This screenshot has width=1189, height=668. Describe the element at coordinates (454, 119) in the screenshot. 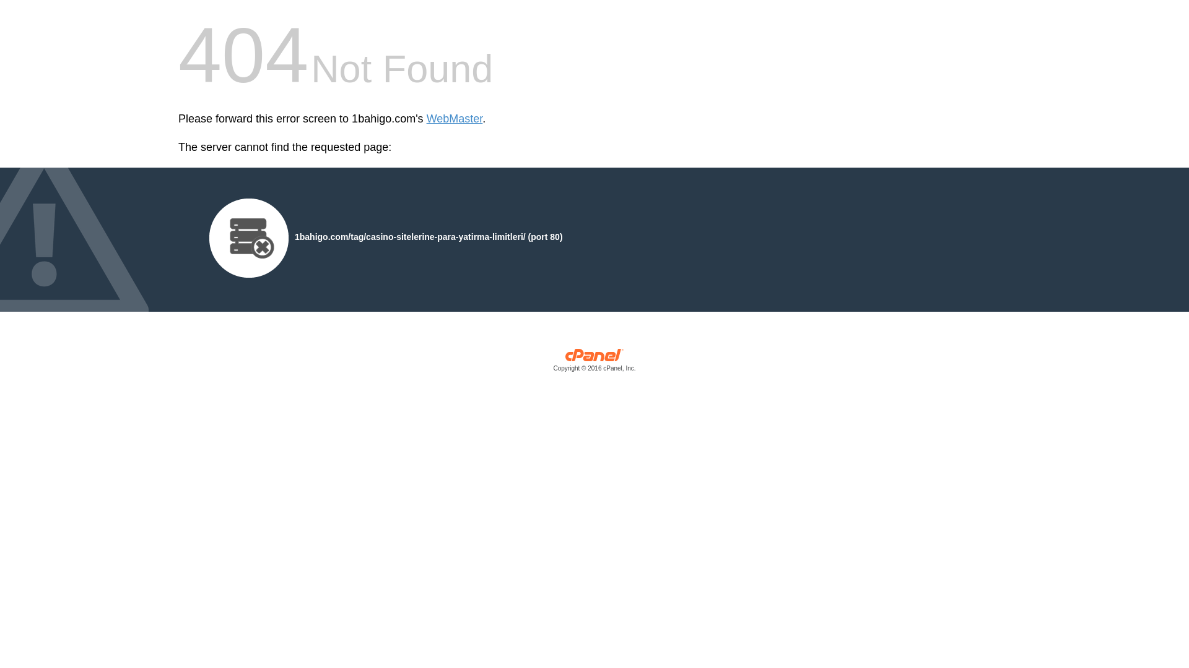

I see `'WebMaster'` at that location.